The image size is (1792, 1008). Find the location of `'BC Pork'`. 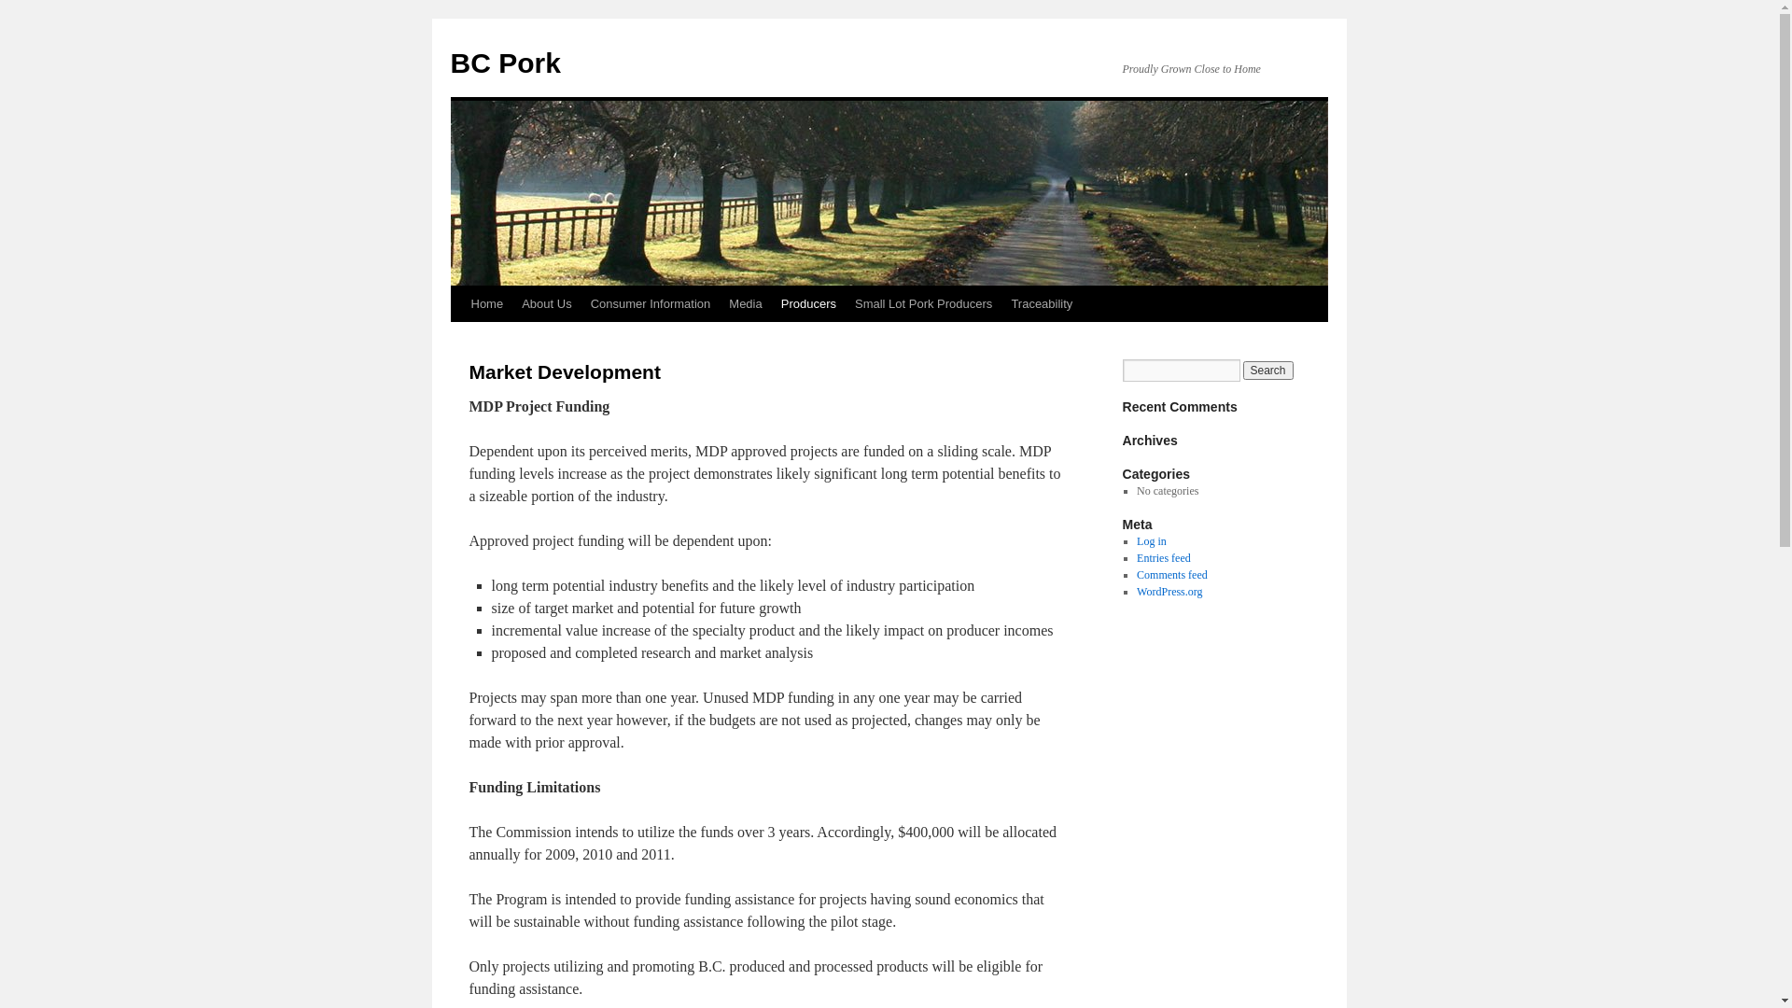

'BC Pork' is located at coordinates (505, 62).